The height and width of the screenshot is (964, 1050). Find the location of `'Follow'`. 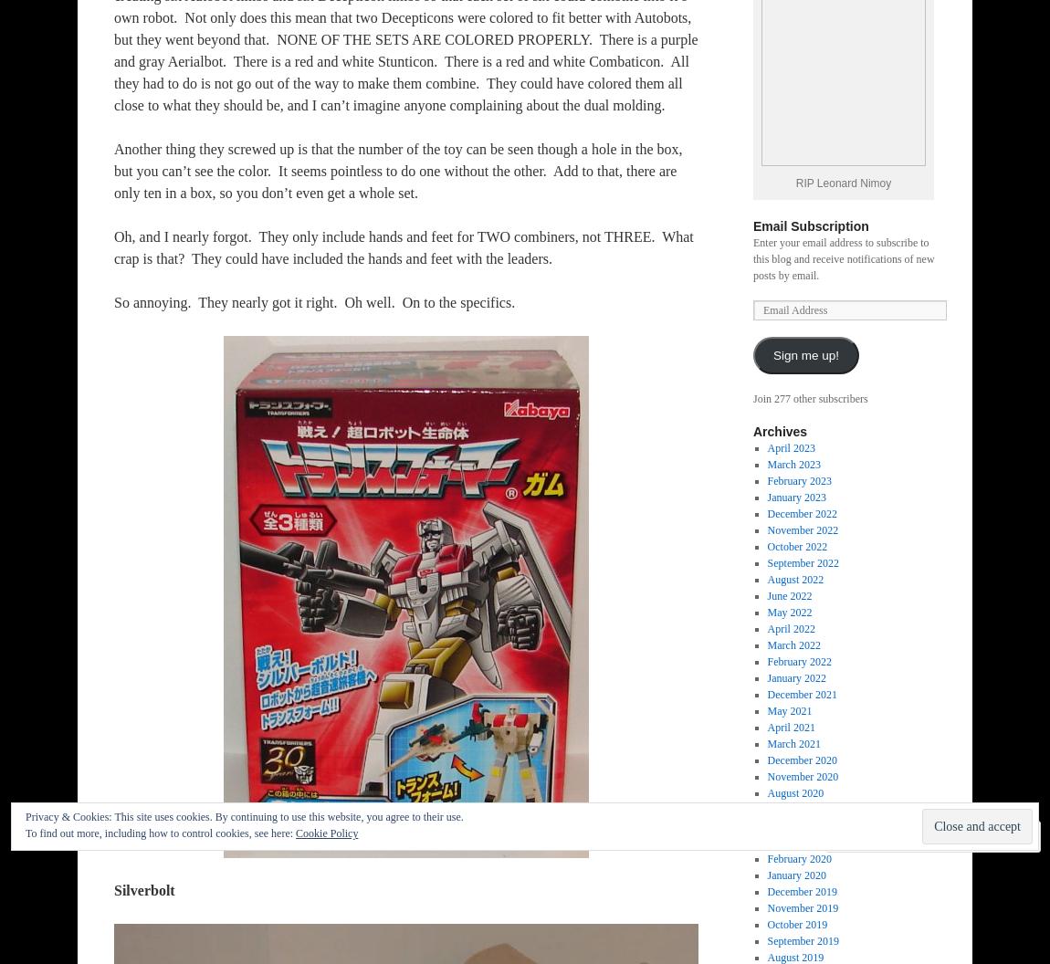

'Follow' is located at coordinates (976, 835).